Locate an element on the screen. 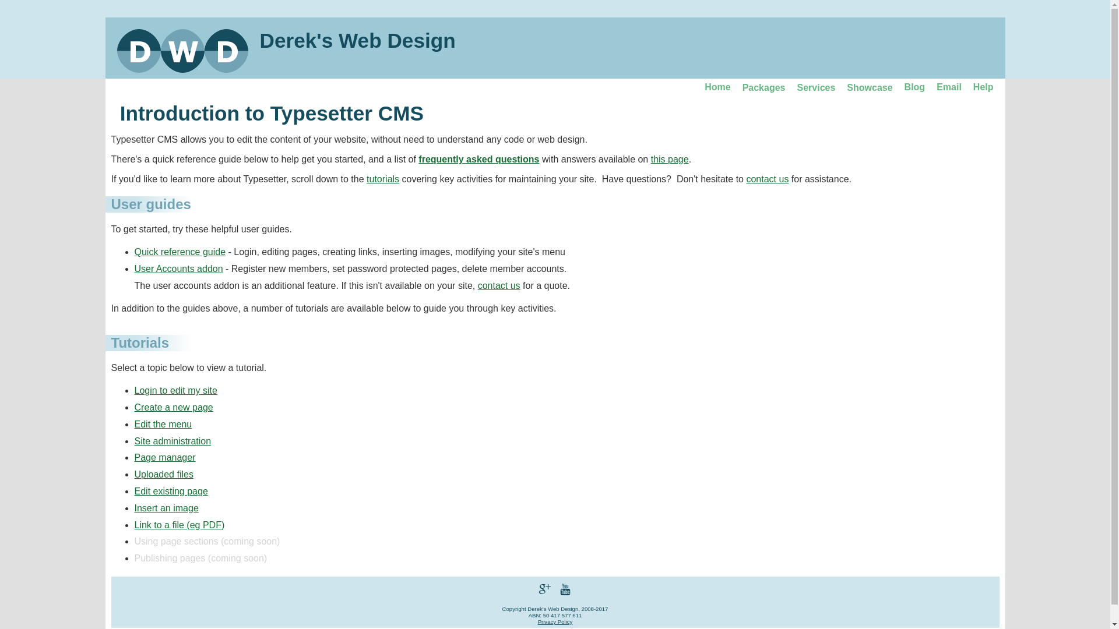  'tutorials' is located at coordinates (383, 179).